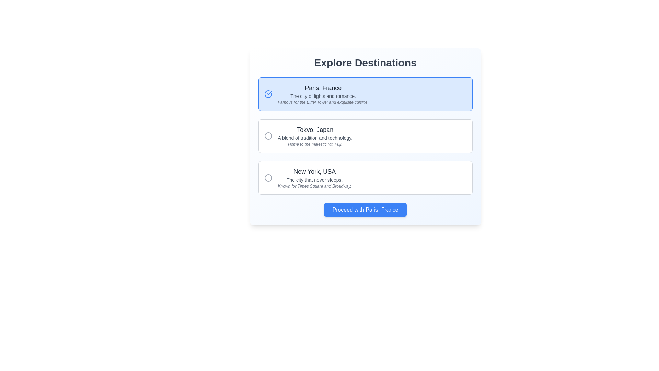 The height and width of the screenshot is (371, 659). Describe the element at coordinates (314, 171) in the screenshot. I see `the title label of the third destination card that identifies 'New York, USA' within the vertical list of selectable destination cards` at that location.